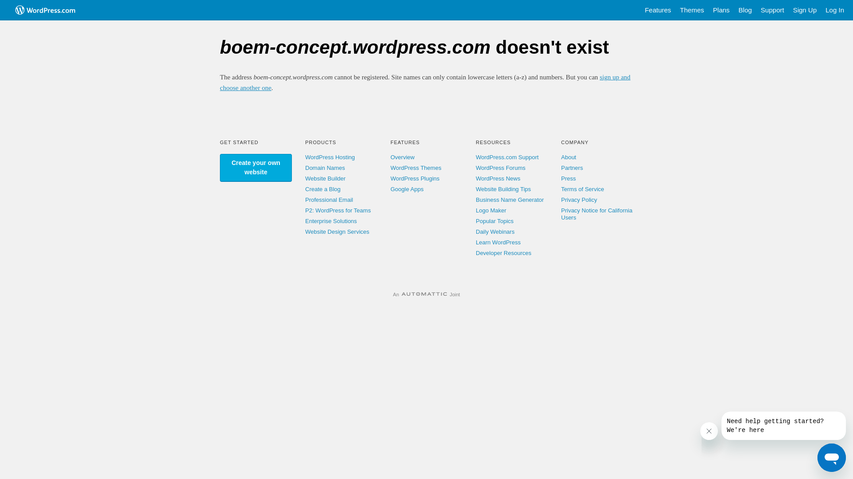 The height and width of the screenshot is (479, 853). I want to click on 'Button to launch messaging window', so click(817, 458).